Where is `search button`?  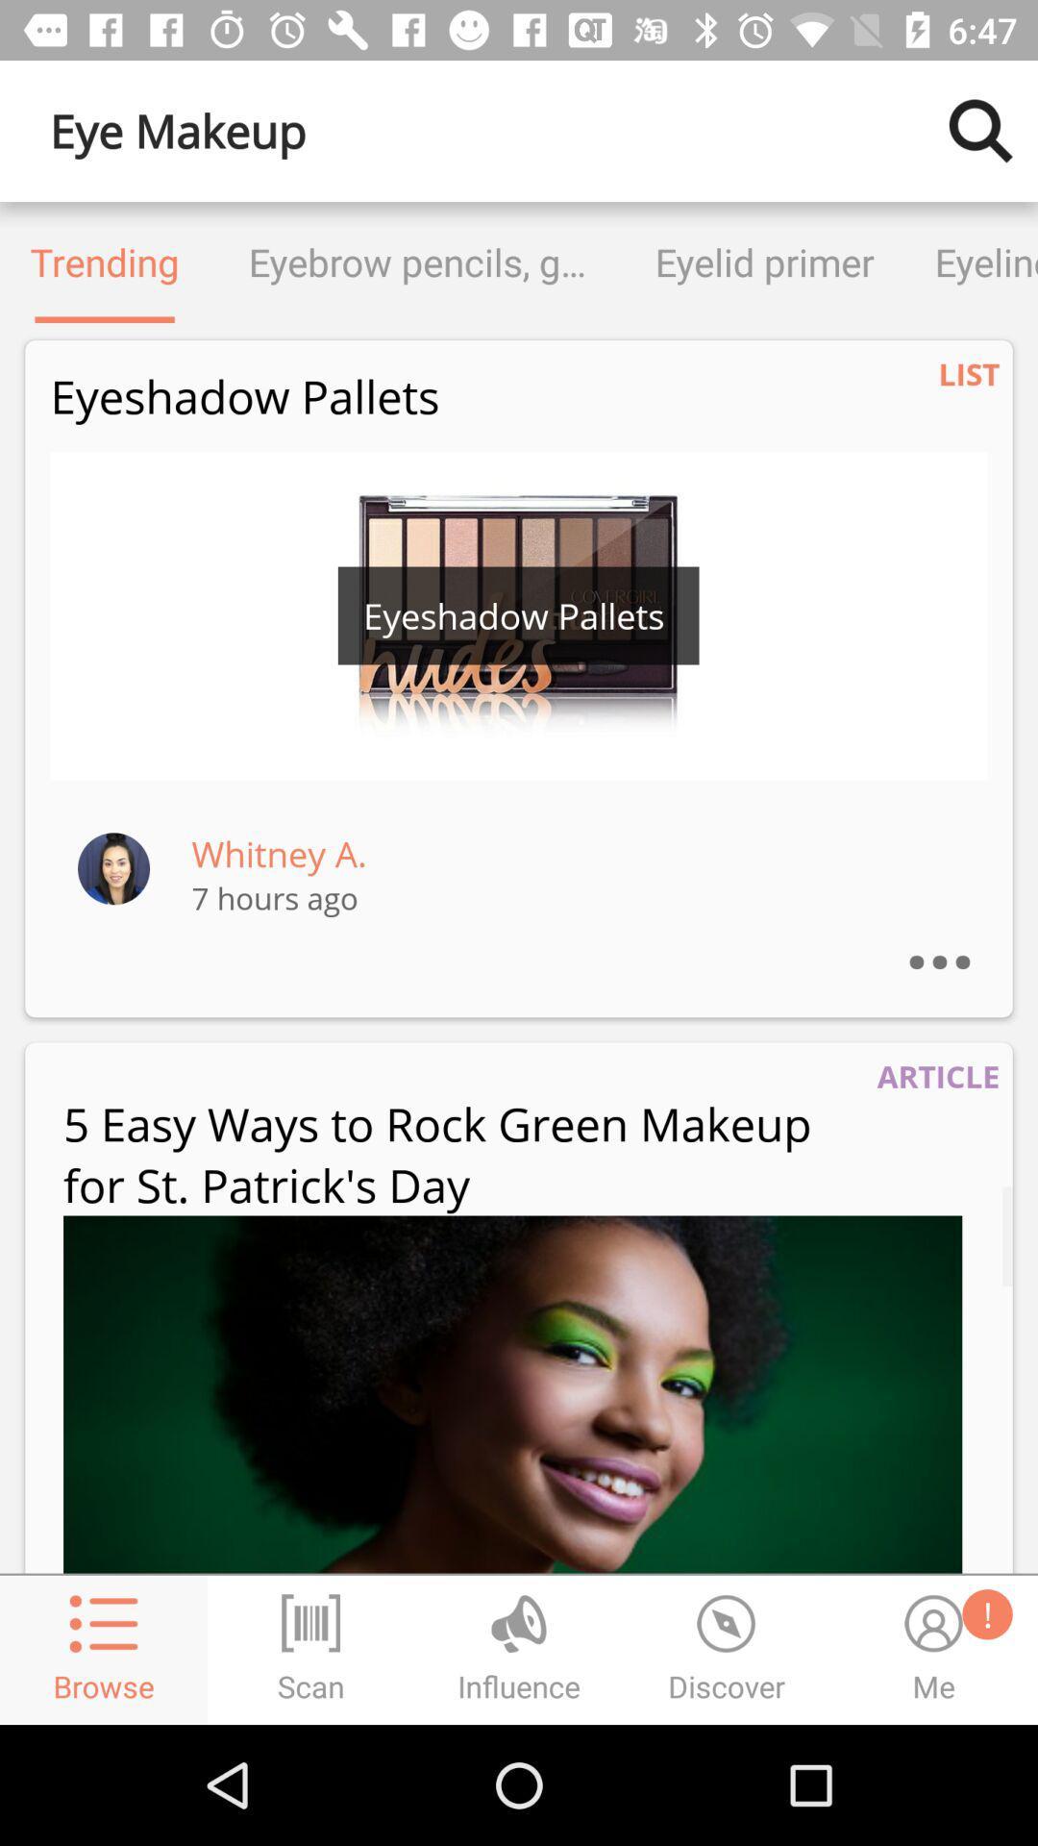
search button is located at coordinates (980, 130).